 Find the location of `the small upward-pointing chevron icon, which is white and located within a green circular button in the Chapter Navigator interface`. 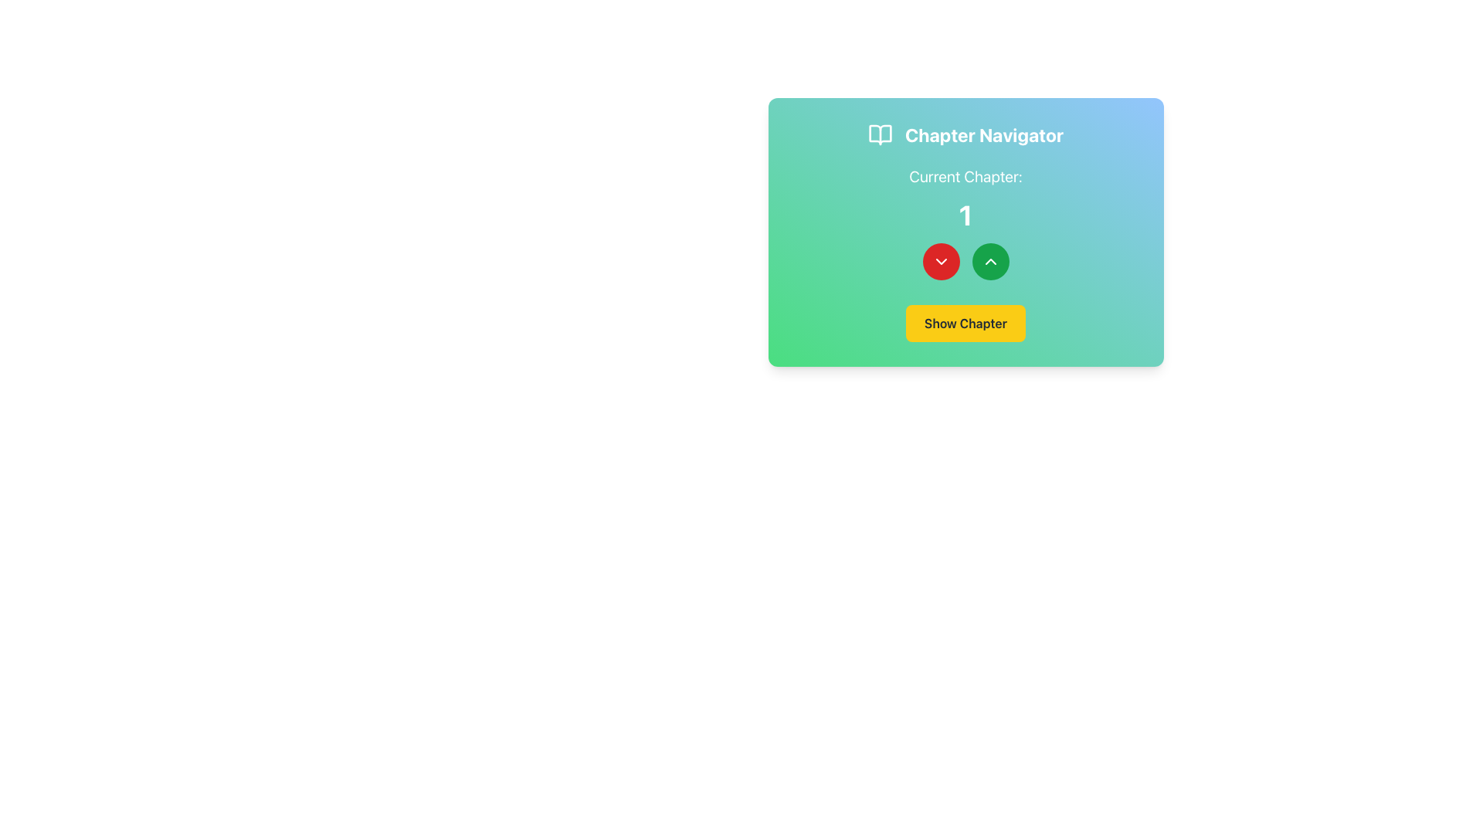

the small upward-pointing chevron icon, which is white and located within a green circular button in the Chapter Navigator interface is located at coordinates (990, 261).